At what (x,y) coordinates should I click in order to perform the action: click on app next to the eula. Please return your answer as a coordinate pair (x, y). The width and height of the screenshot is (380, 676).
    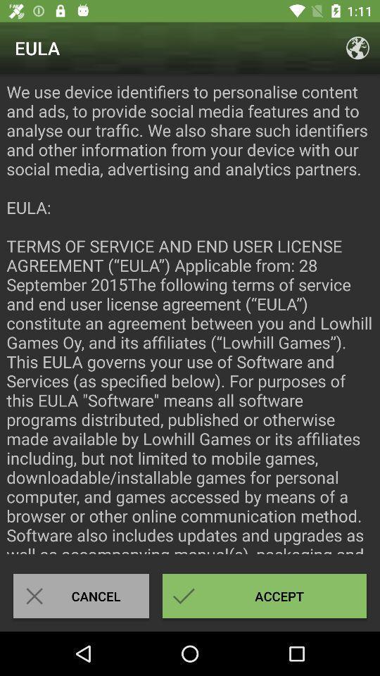
    Looking at the image, I should click on (357, 48).